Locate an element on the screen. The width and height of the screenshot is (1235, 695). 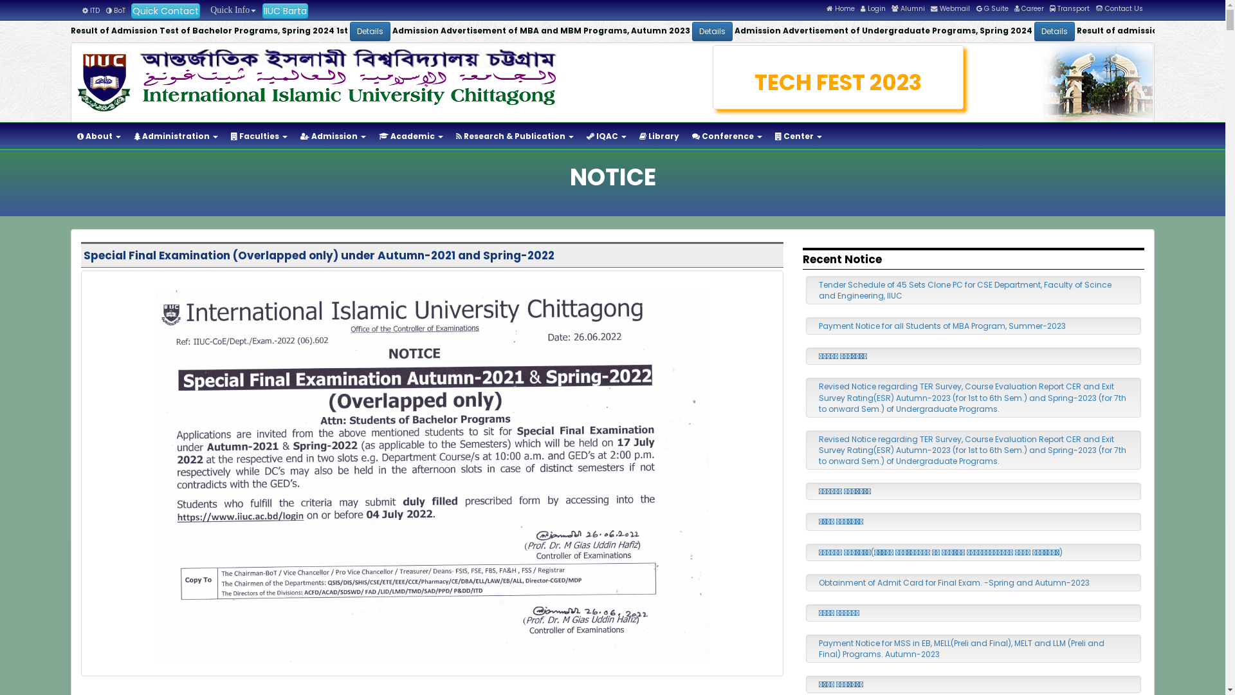
'Conference' is located at coordinates (727, 136).